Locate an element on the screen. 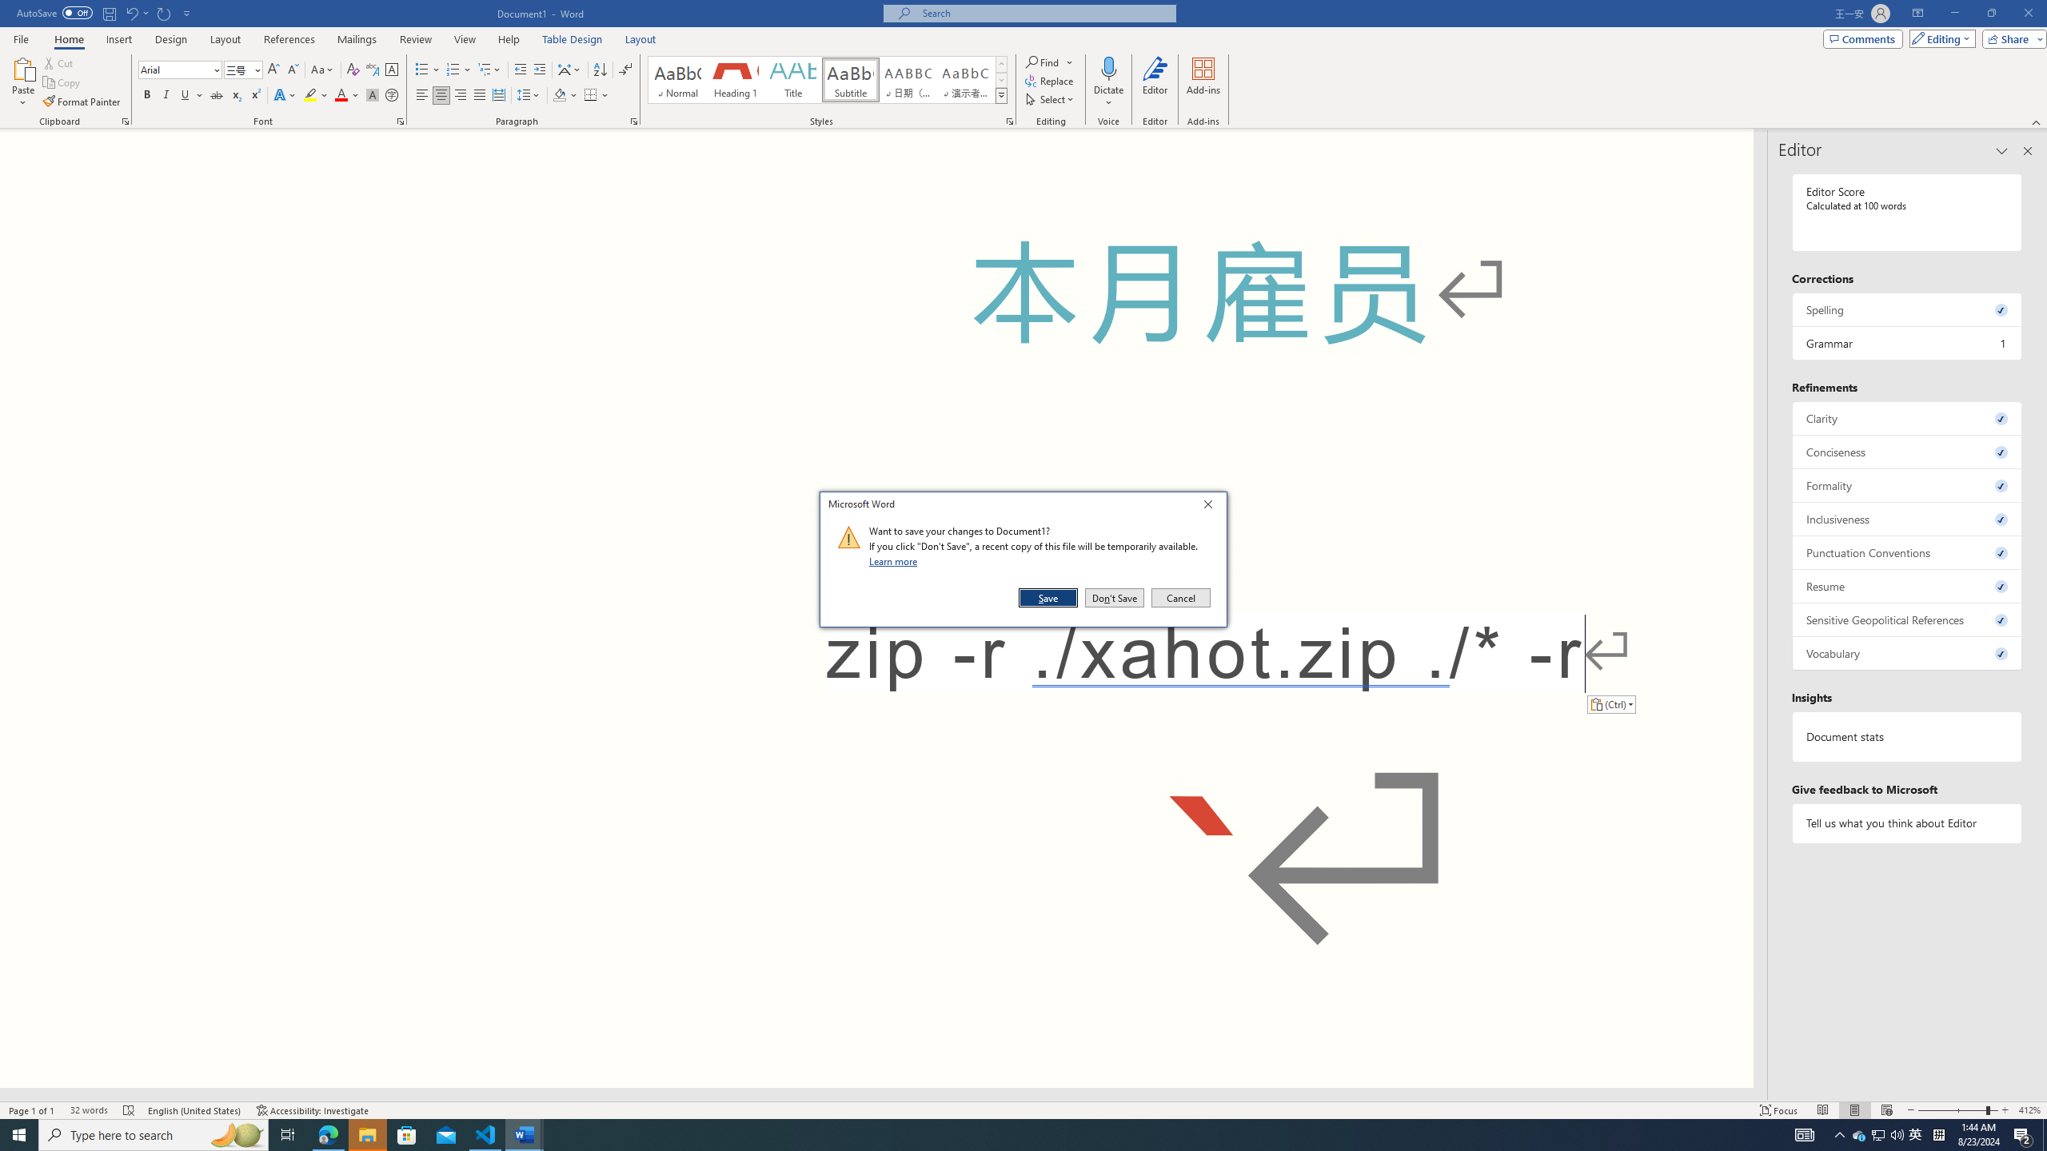  'Conciseness, 0 issues. Press space or enter to review items.' is located at coordinates (1906, 451).